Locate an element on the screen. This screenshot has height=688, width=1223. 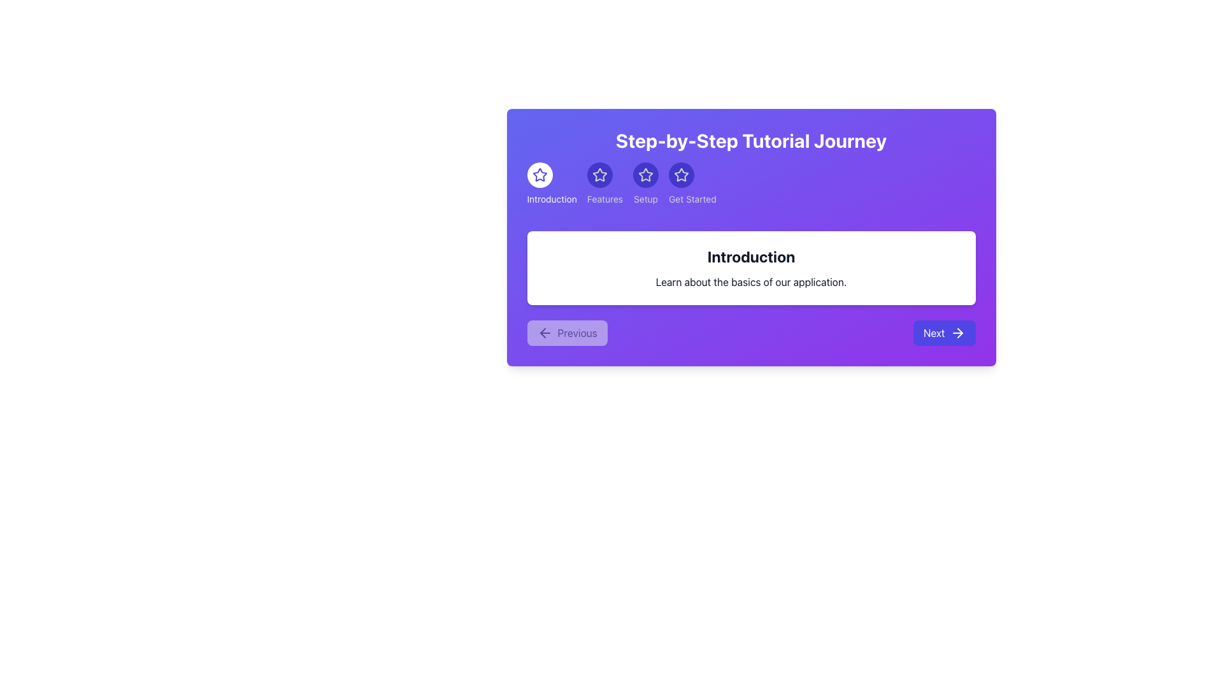
the star icon in the navigation section is located at coordinates (540, 175).